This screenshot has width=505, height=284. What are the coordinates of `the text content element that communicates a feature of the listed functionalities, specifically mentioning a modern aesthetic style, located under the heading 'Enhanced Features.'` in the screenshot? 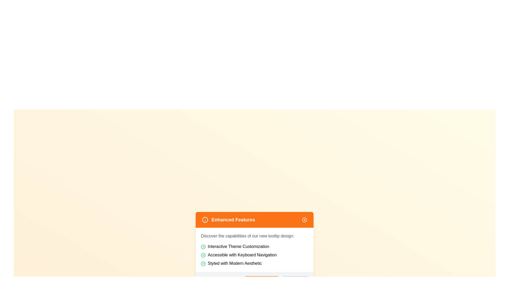 It's located at (255, 263).